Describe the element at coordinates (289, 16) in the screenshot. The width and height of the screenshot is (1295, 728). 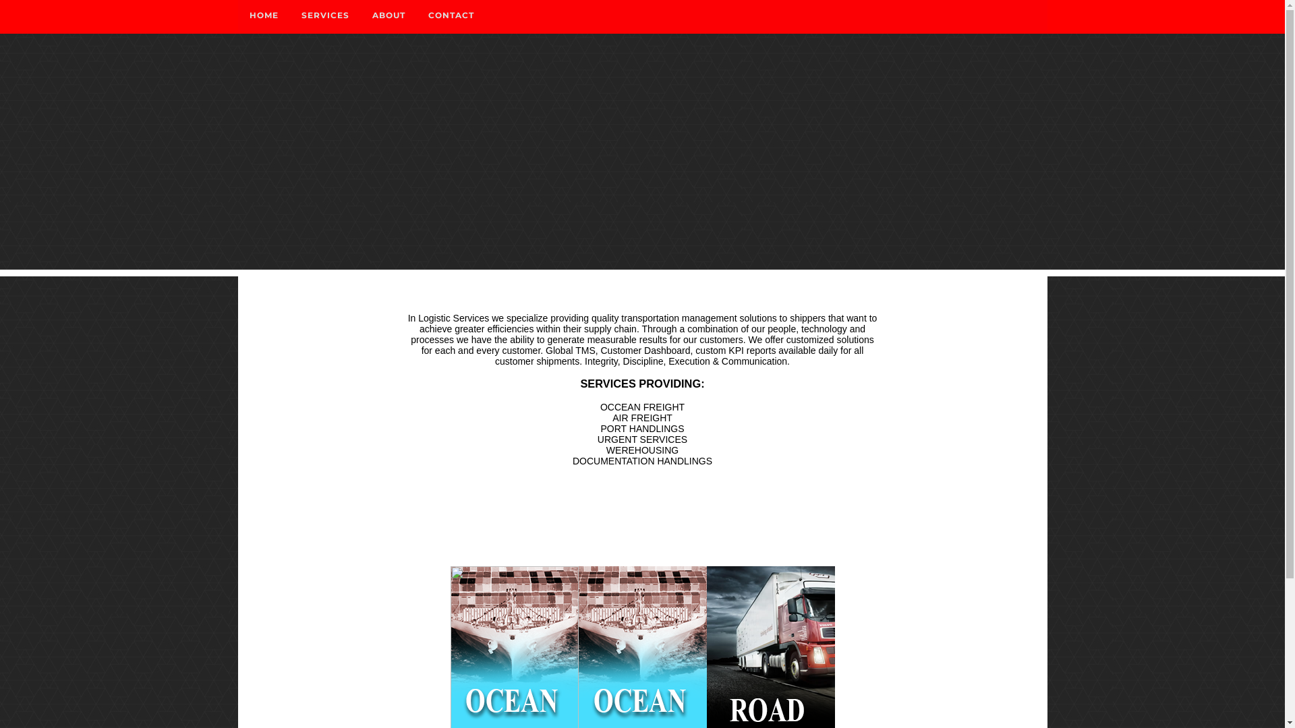
I see `'SERVICES'` at that location.